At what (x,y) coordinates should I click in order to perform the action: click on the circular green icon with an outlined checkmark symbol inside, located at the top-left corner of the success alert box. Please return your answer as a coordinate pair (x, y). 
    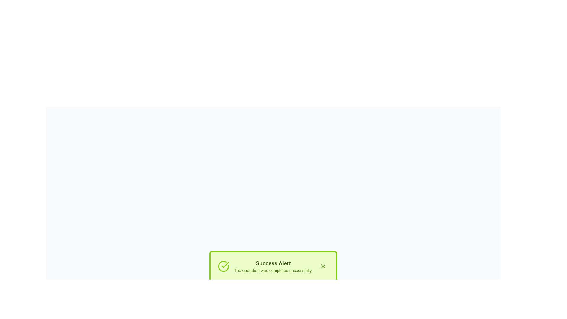
    Looking at the image, I should click on (223, 266).